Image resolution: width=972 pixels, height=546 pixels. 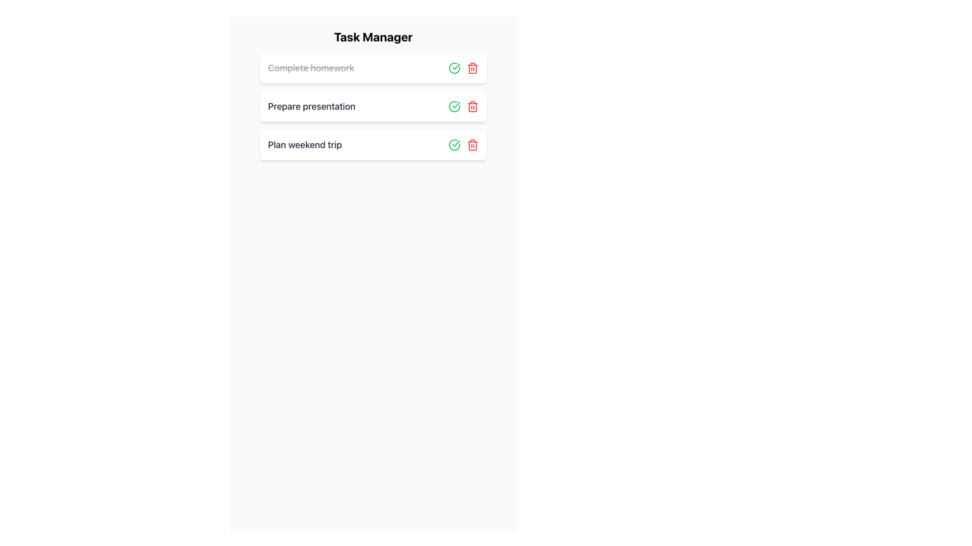 What do you see at coordinates (373, 36) in the screenshot?
I see `the Static text element styled as a heading with the words 'Task Manager', which is positioned at the top of the central section of the user interface` at bounding box center [373, 36].